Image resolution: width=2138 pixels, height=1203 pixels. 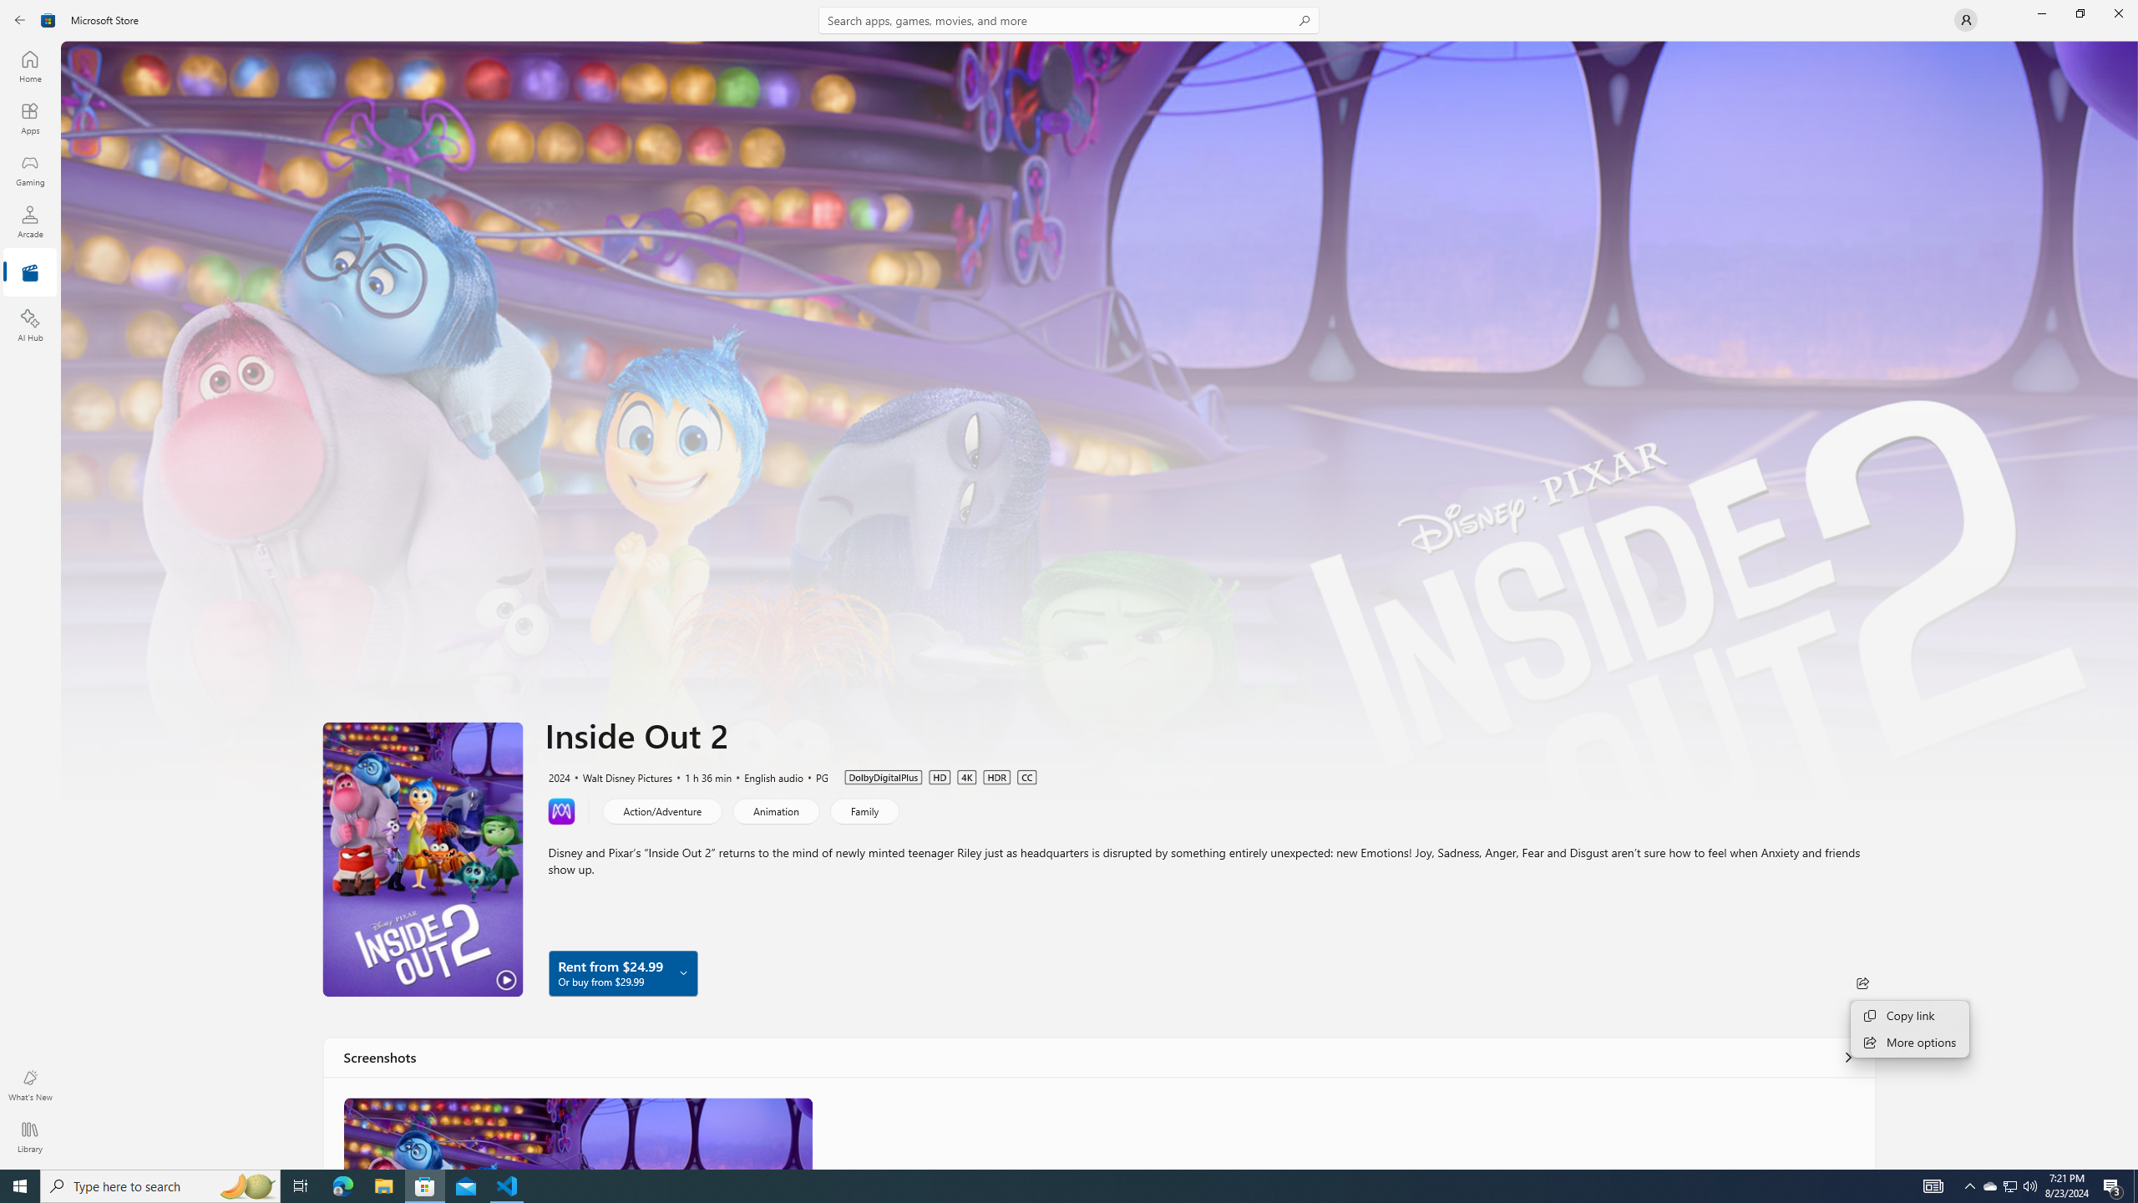 I want to click on 'Entertainment', so click(x=28, y=272).